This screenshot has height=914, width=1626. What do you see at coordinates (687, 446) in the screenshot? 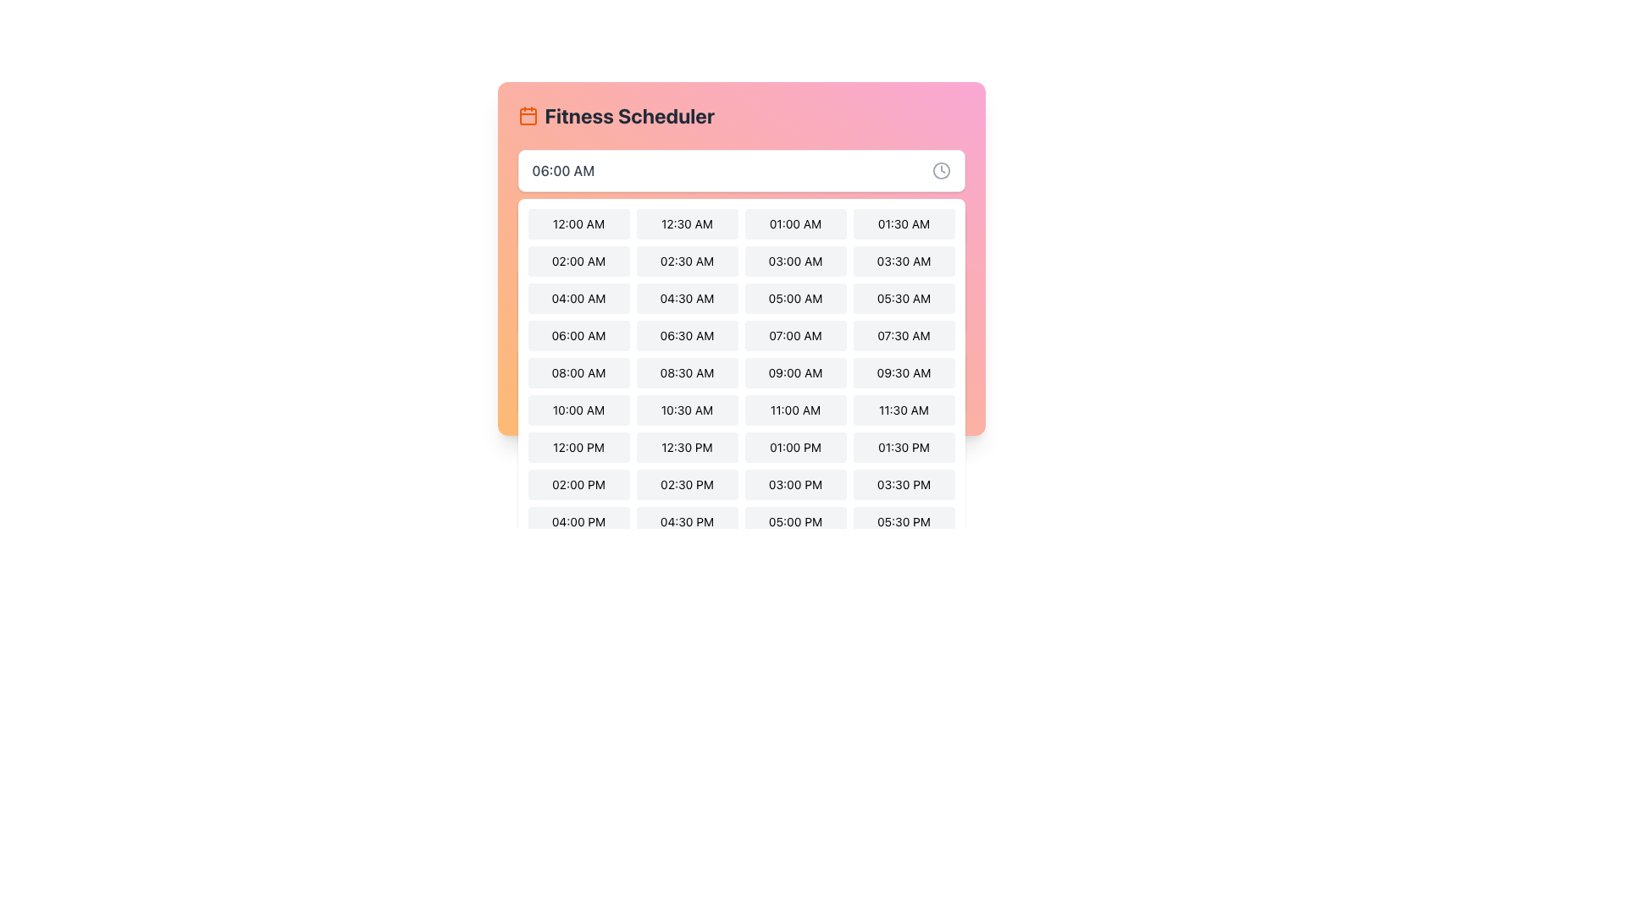
I see `the selectable time slot button for '12:30 PM' in the Fitness Scheduler grid` at bounding box center [687, 446].